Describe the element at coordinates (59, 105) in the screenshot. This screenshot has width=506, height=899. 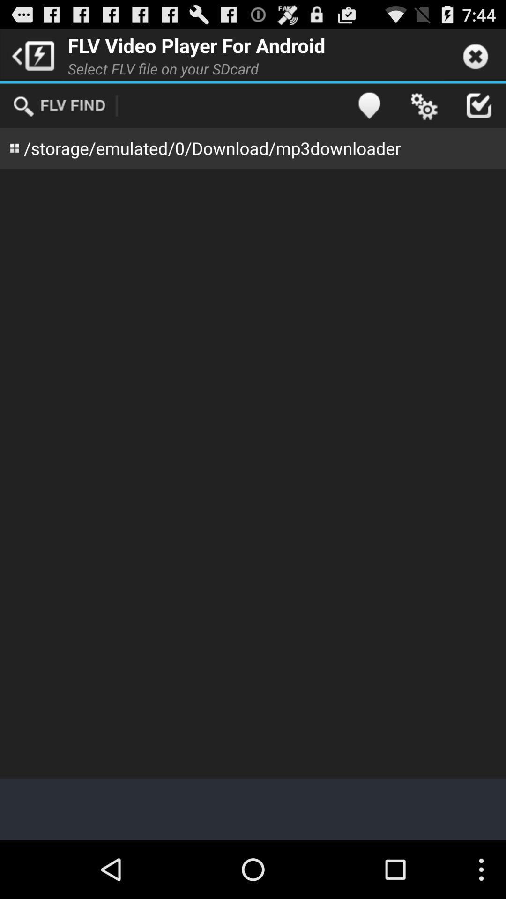
I see `icon above the storage emulated 0 item` at that location.